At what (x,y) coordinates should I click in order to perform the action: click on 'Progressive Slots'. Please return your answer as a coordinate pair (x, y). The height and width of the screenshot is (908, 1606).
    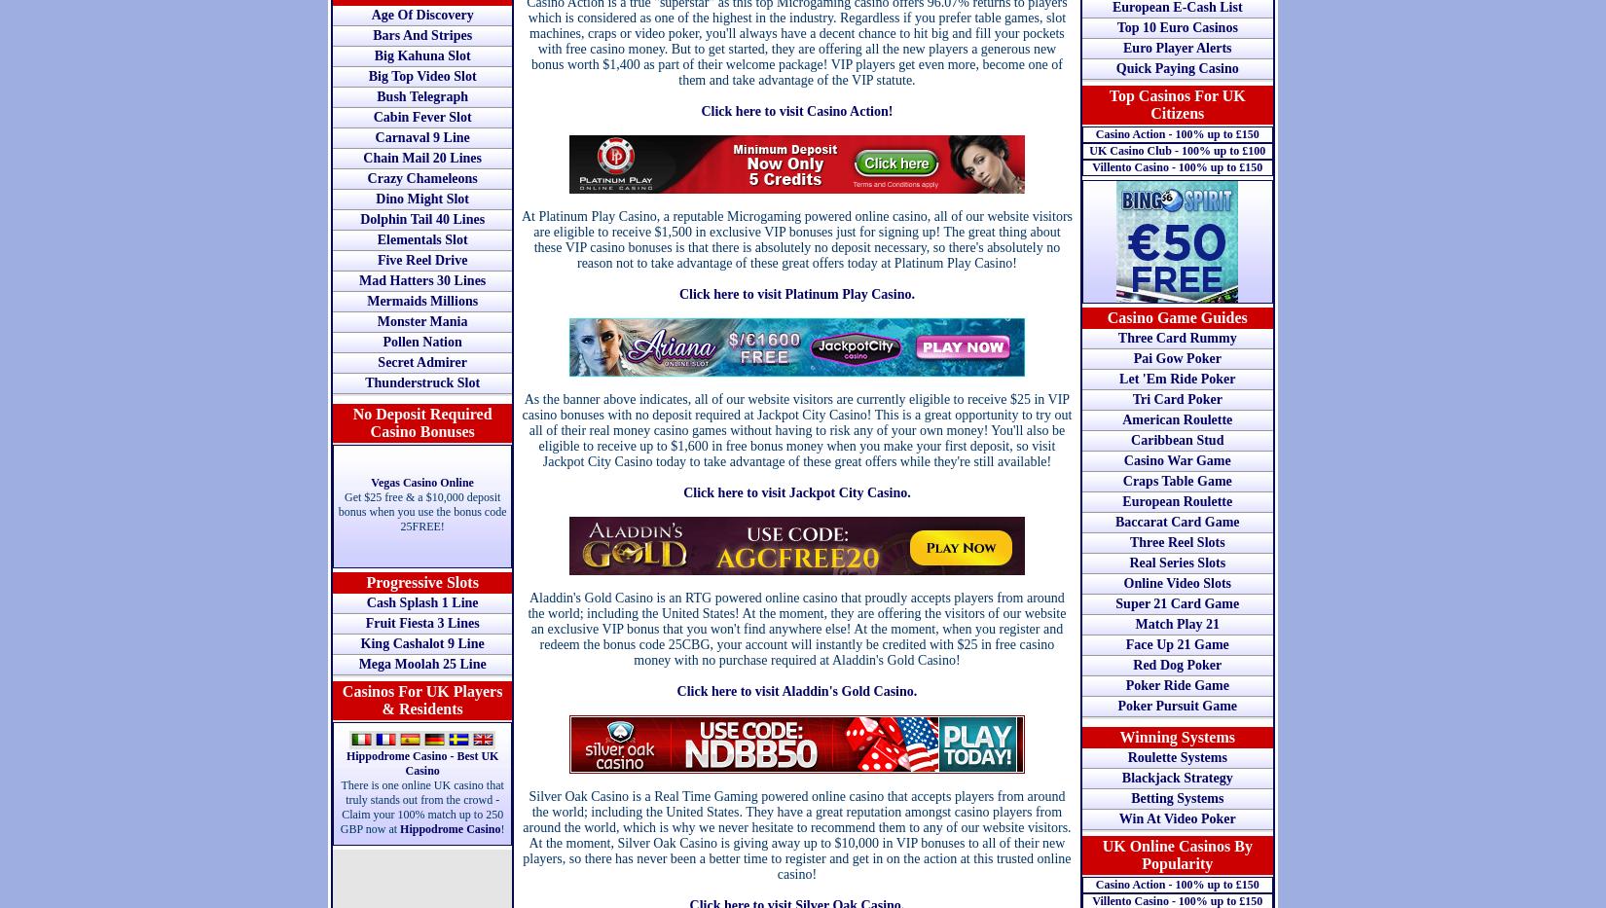
    Looking at the image, I should click on (420, 582).